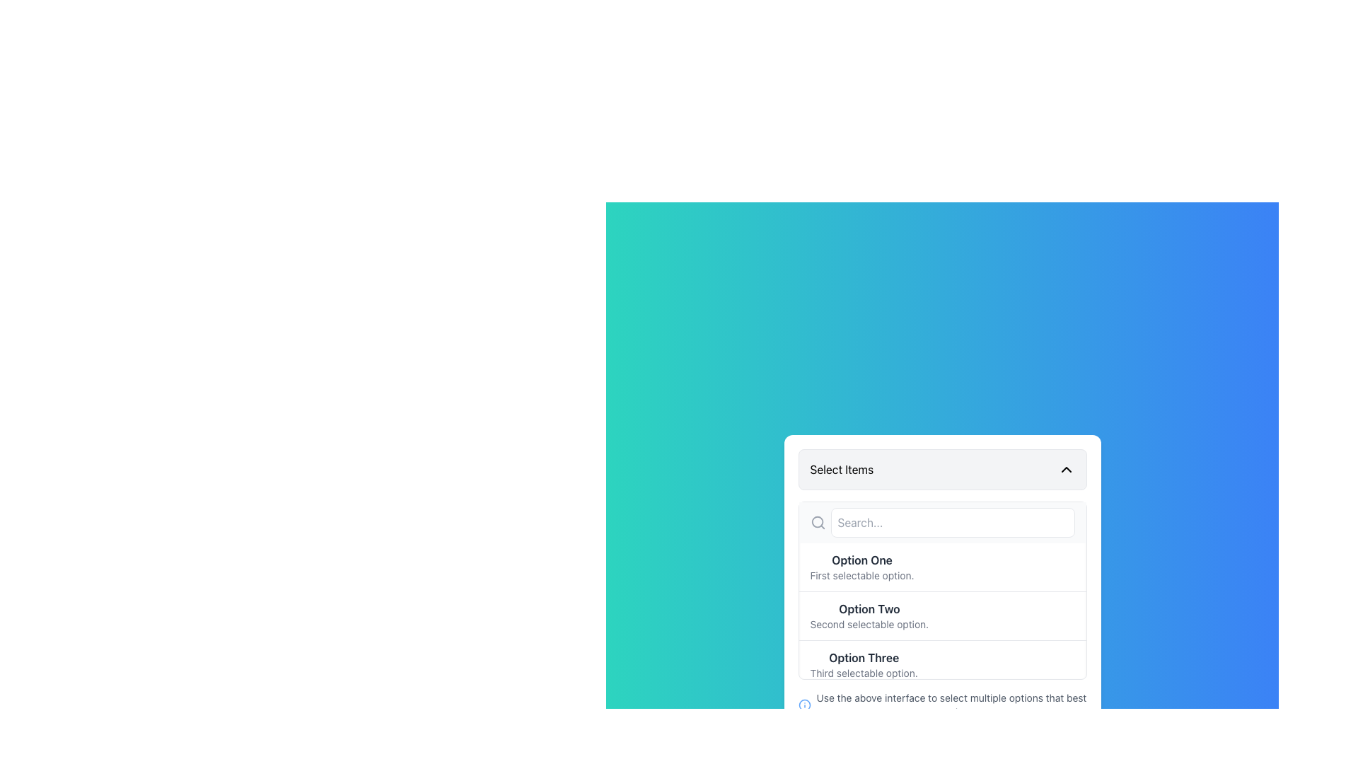 The height and width of the screenshot is (764, 1358). I want to click on the circular search icon, which features a magnifying glass and is located to the left of the input box labeled 'Search...' within the dropdown interface, so click(817, 522).